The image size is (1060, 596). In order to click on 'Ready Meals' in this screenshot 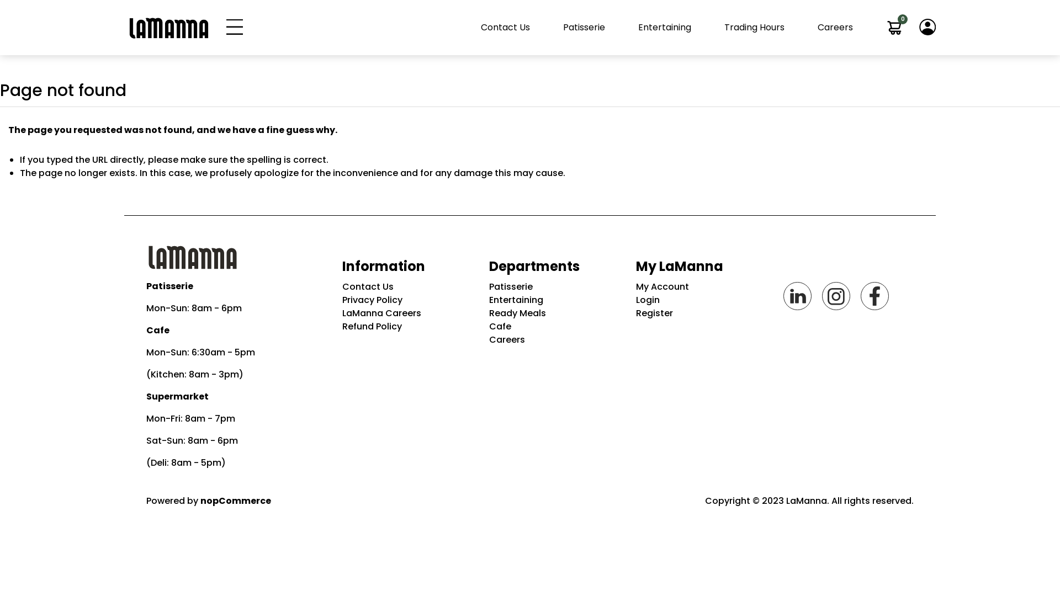, I will do `click(489, 313)`.